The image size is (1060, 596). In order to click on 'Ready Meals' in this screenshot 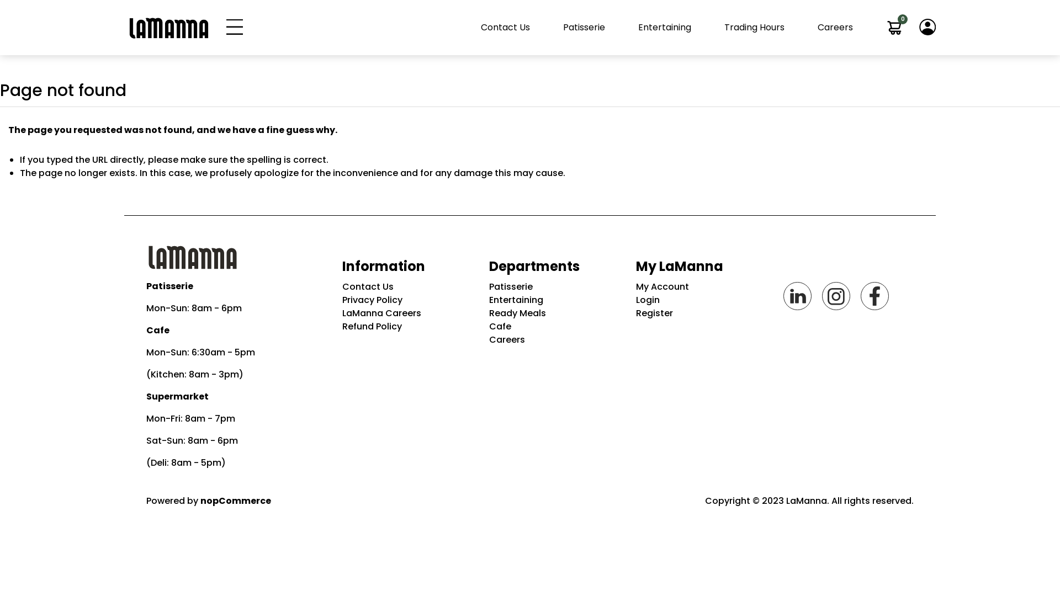, I will do `click(489, 313)`.